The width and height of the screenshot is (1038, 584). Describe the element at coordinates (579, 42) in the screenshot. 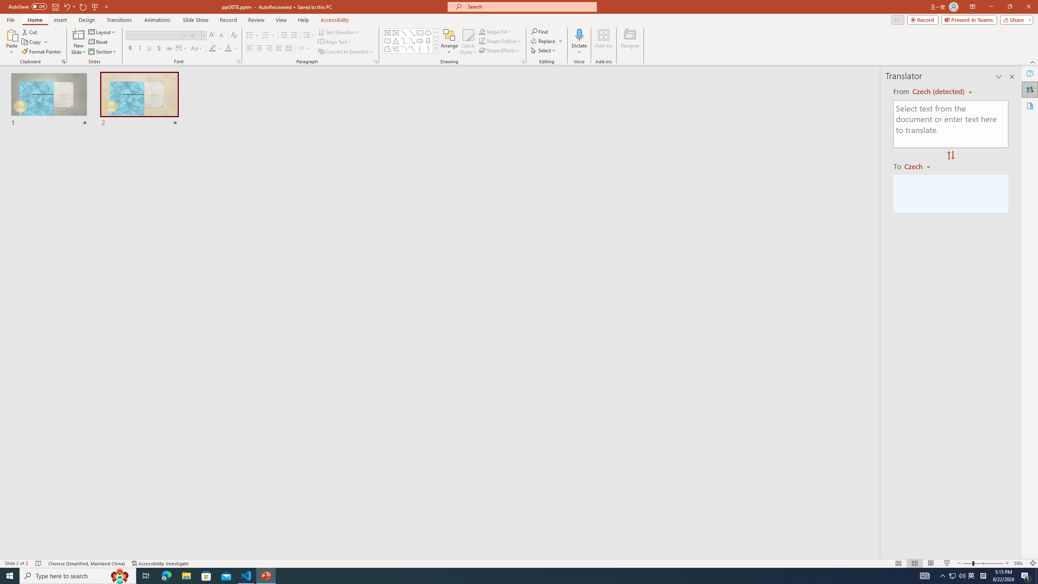

I see `'Dictate'` at that location.